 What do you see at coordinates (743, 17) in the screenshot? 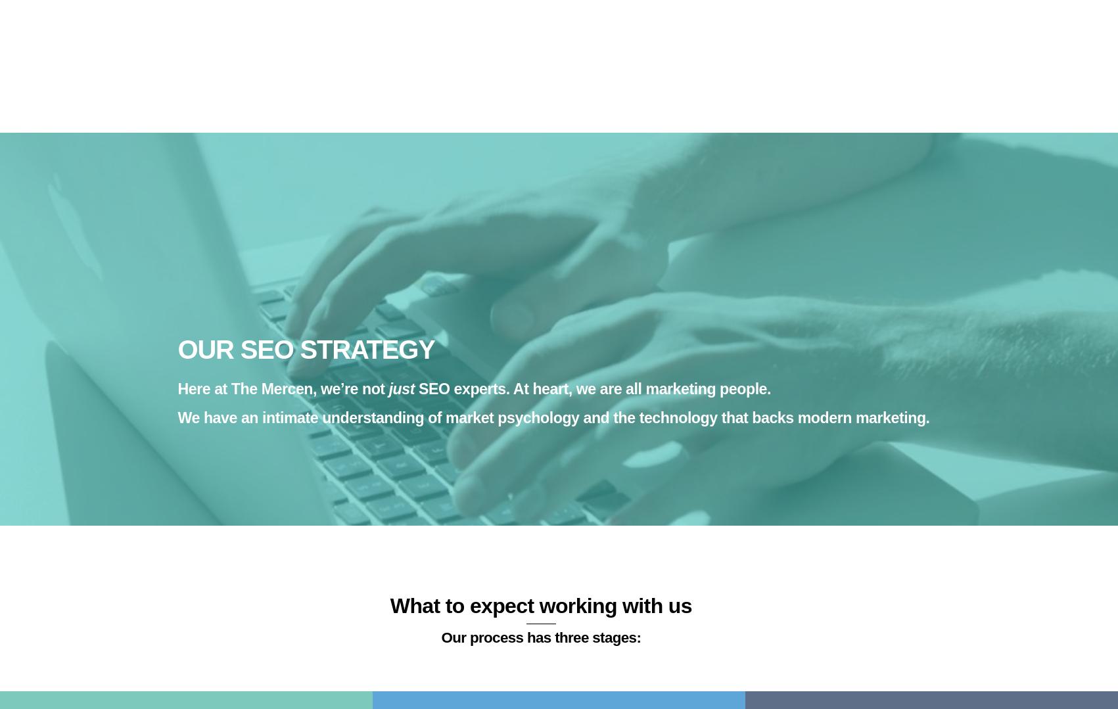
I see `'Contact'` at bounding box center [743, 17].